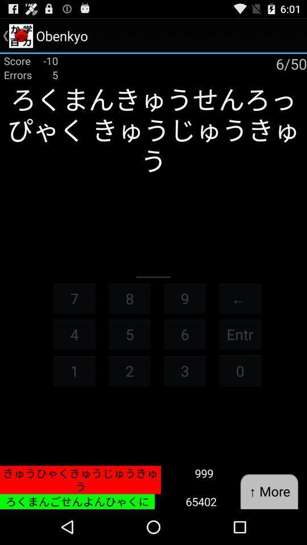 The width and height of the screenshot is (307, 545). What do you see at coordinates (128, 370) in the screenshot?
I see `the 2 item` at bounding box center [128, 370].